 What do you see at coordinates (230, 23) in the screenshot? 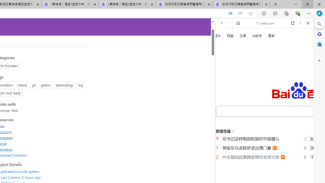
I see `'Forward'` at bounding box center [230, 23].